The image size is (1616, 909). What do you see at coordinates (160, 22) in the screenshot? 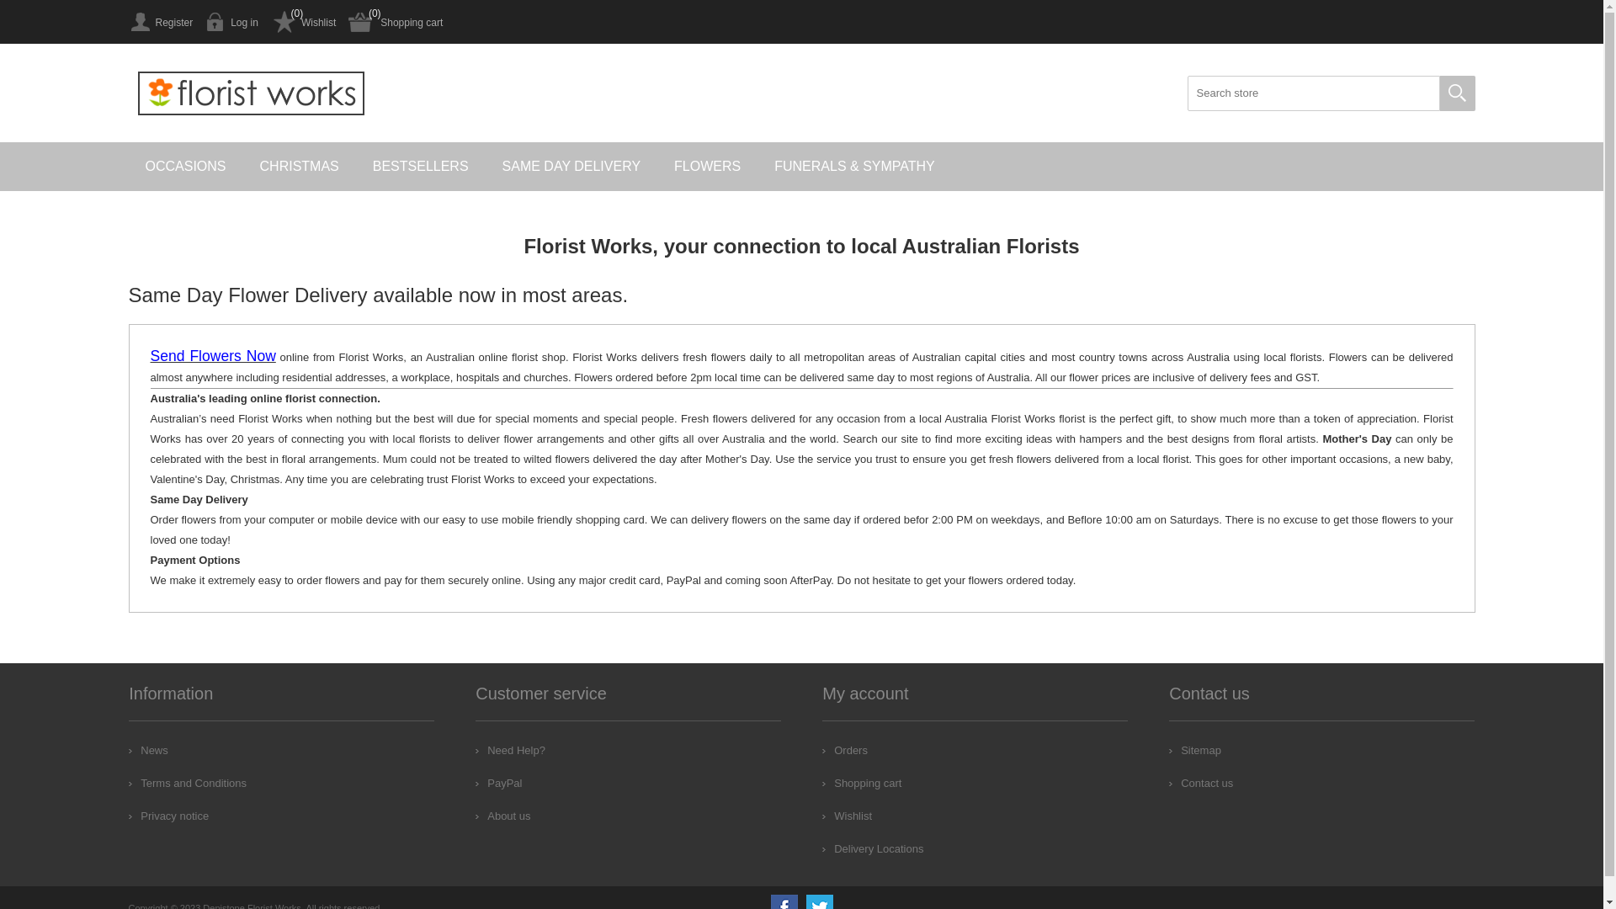
I see `'Register'` at bounding box center [160, 22].